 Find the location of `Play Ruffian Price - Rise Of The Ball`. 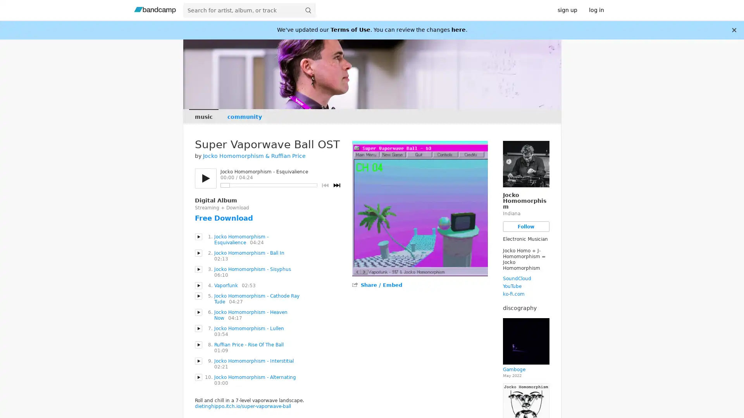

Play Ruffian Price - Rise Of The Ball is located at coordinates (198, 344).